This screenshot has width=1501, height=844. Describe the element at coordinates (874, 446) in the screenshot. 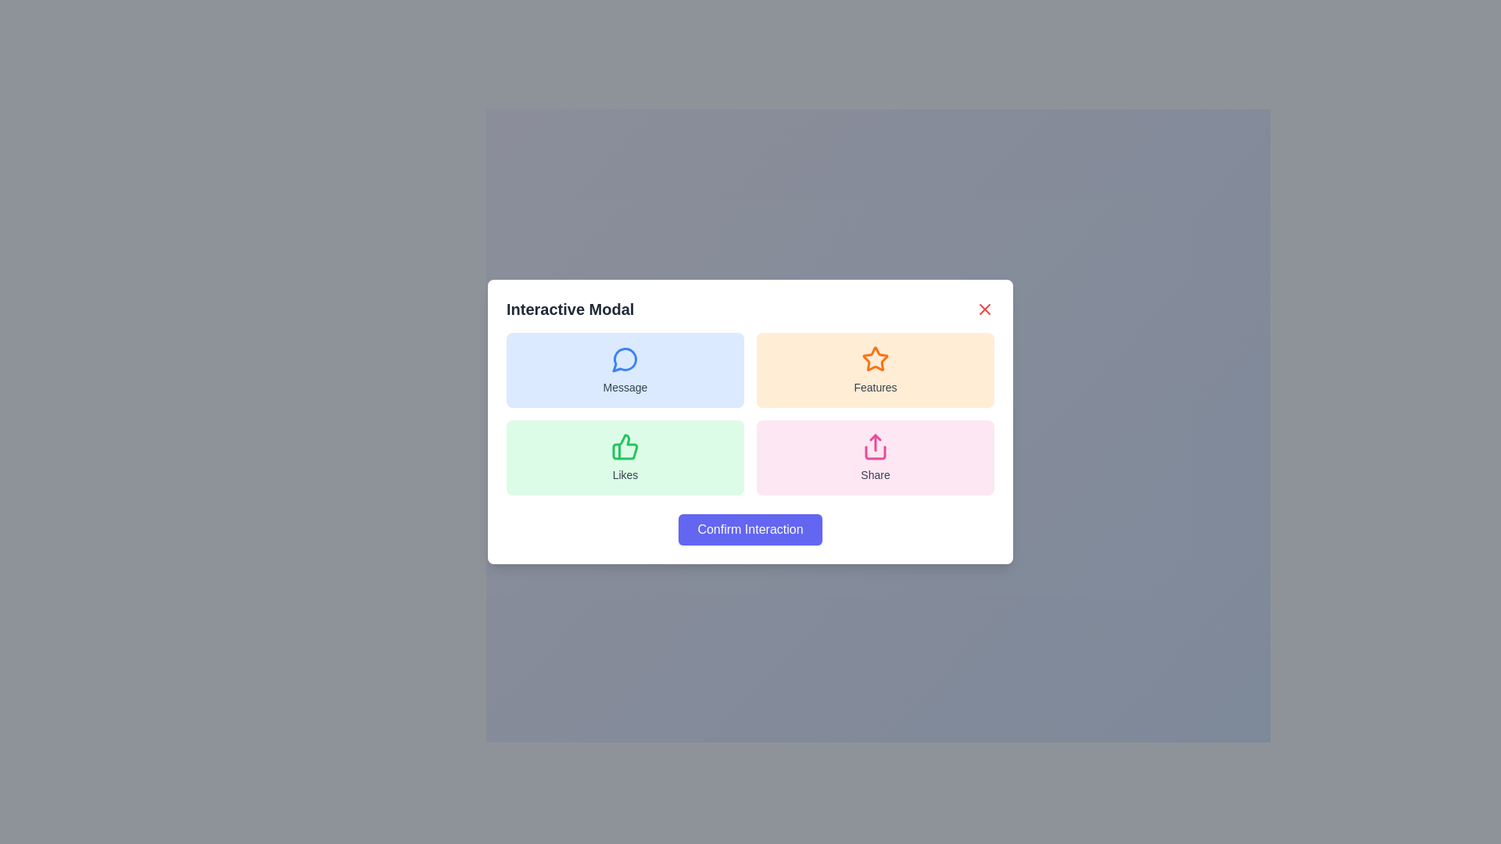

I see `the 'Share' Icon button located in the lower-right quadrant of the modal, which is centered within a pink background box and labeled 'Share'` at that location.